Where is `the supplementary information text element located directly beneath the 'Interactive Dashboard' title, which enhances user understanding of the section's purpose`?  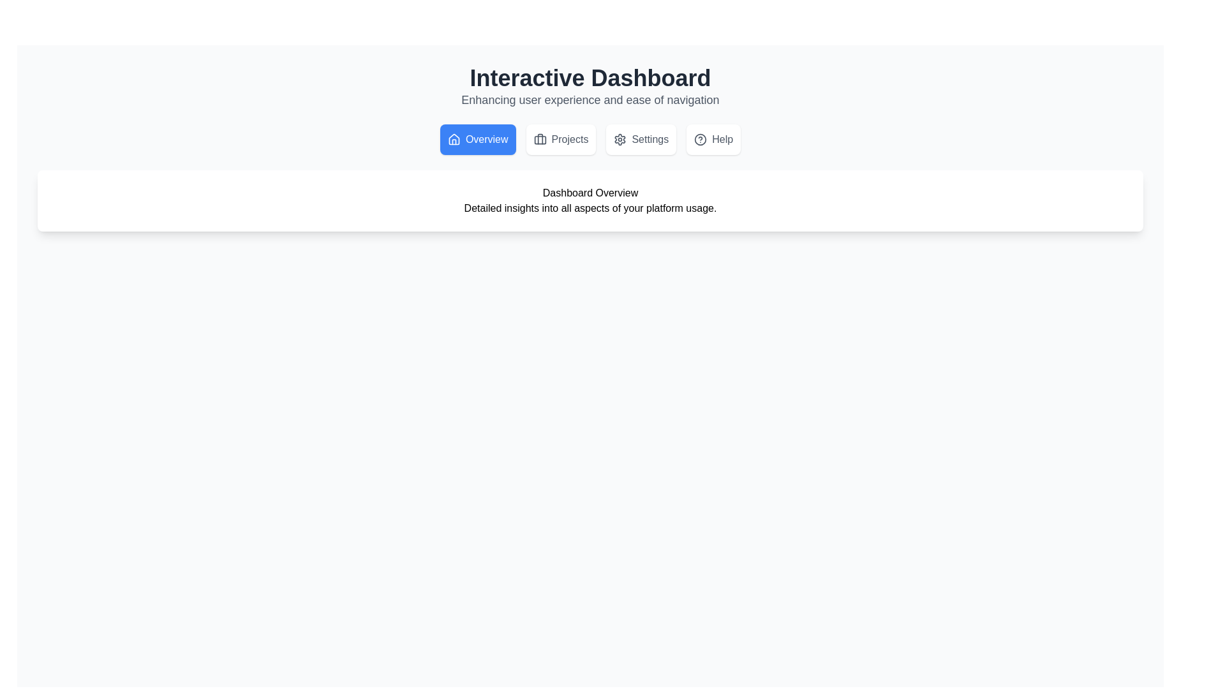 the supplementary information text element located directly beneath the 'Interactive Dashboard' title, which enhances user understanding of the section's purpose is located at coordinates (590, 100).